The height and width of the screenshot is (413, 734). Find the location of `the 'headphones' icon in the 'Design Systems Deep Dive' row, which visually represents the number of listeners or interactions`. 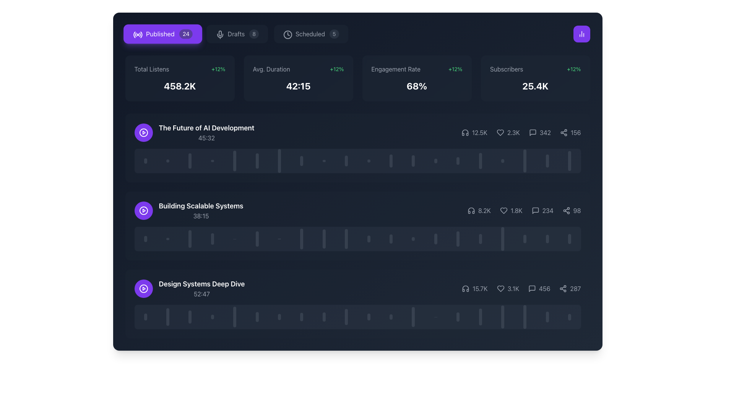

the 'headphones' icon in the 'Design Systems Deep Dive' row, which visually represents the number of listeners or interactions is located at coordinates (465, 289).